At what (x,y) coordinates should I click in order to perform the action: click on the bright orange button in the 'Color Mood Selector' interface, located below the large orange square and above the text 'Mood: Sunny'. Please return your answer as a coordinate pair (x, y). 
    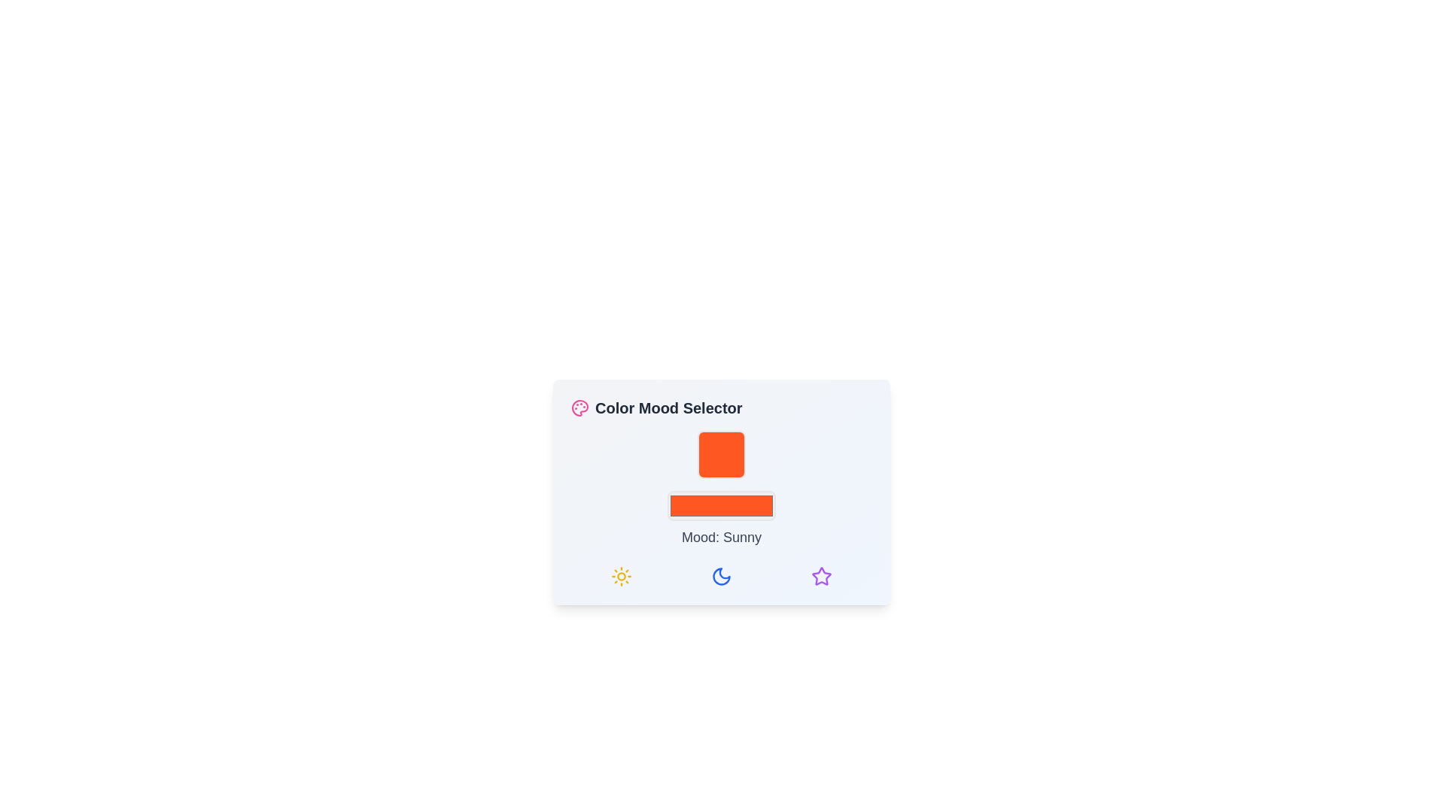
    Looking at the image, I should click on (721, 489).